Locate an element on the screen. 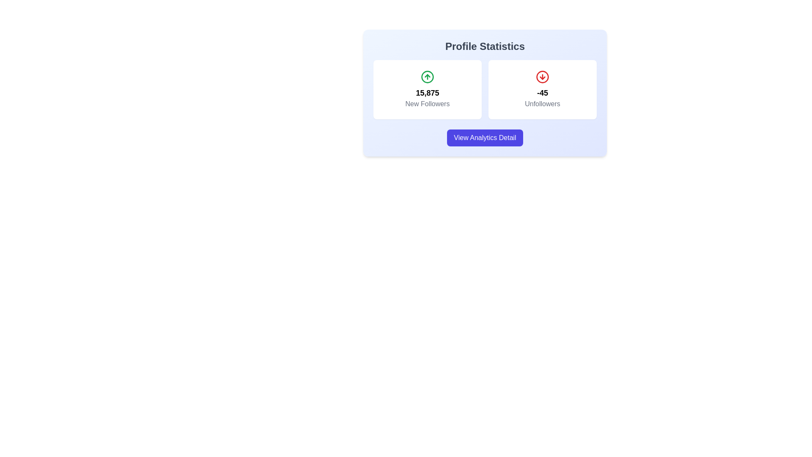 This screenshot has height=457, width=812. statistical value displayed as '15,875' in bold black font within the card section, located in the upper left quadrant of the card, below an upward arrow icon and above the 'New Followers' label is located at coordinates (428, 93).